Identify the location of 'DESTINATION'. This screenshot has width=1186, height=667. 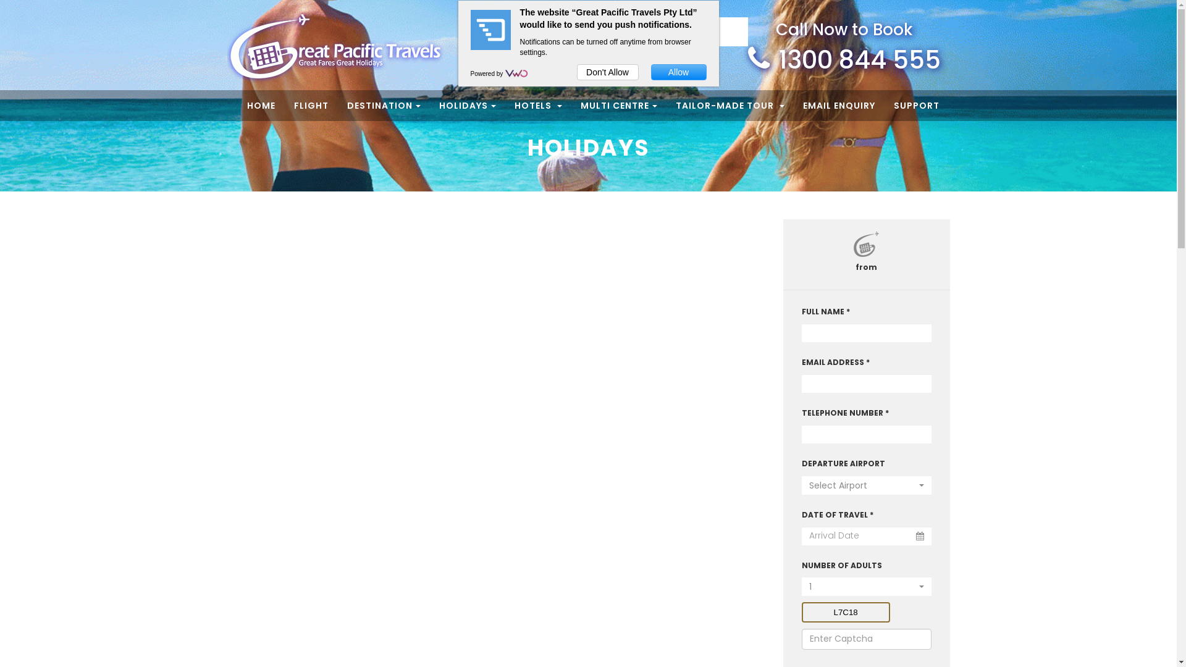
(346, 104).